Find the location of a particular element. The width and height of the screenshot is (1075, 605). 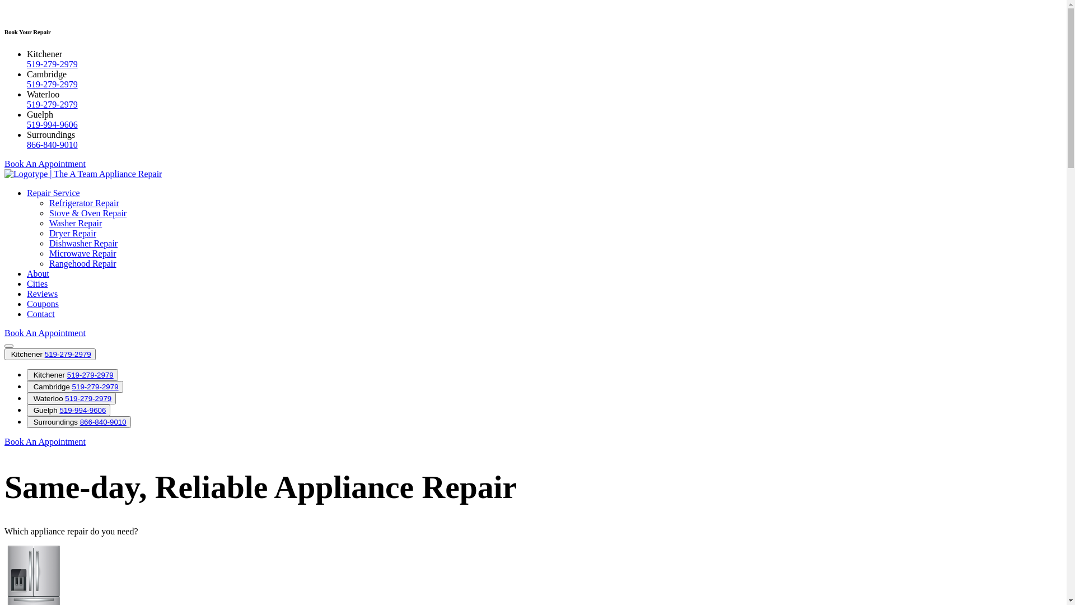

'Repair Service' is located at coordinates (27, 192).